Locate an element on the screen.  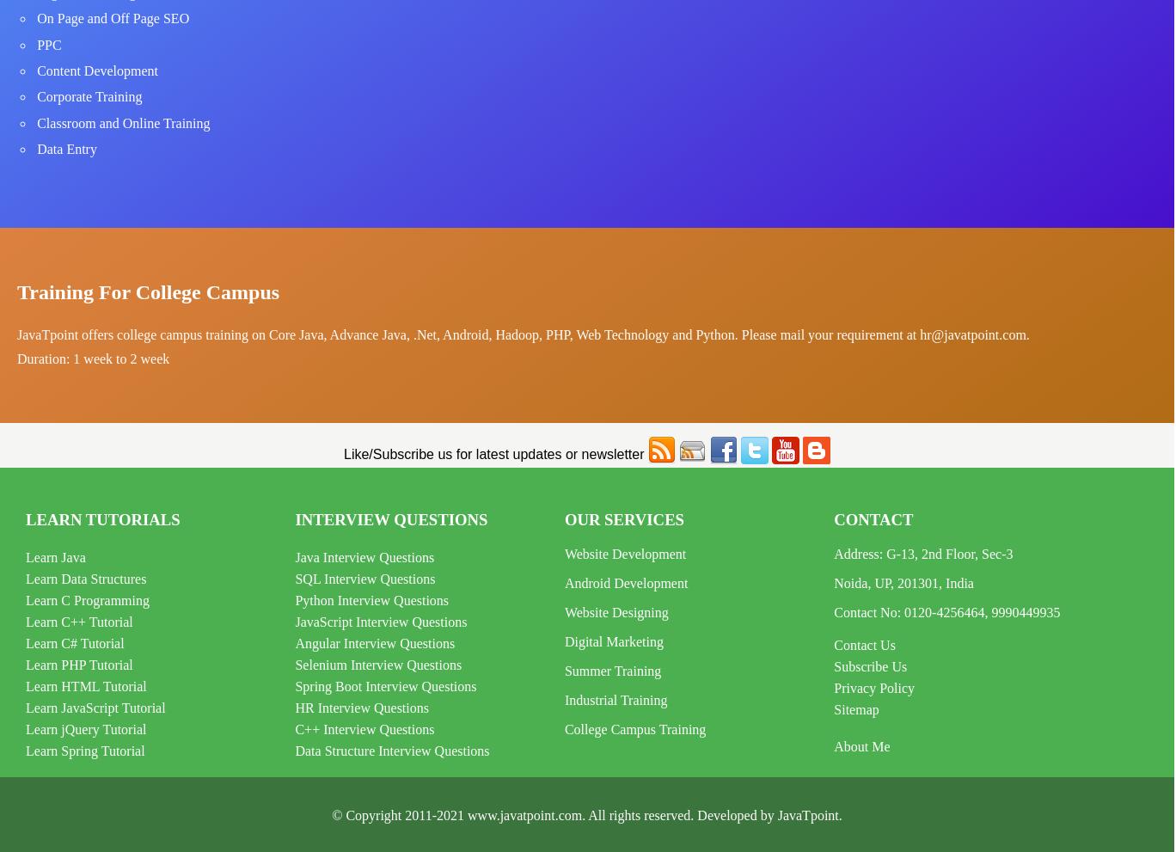
'hr@javatpoint.com' is located at coordinates (972, 334).